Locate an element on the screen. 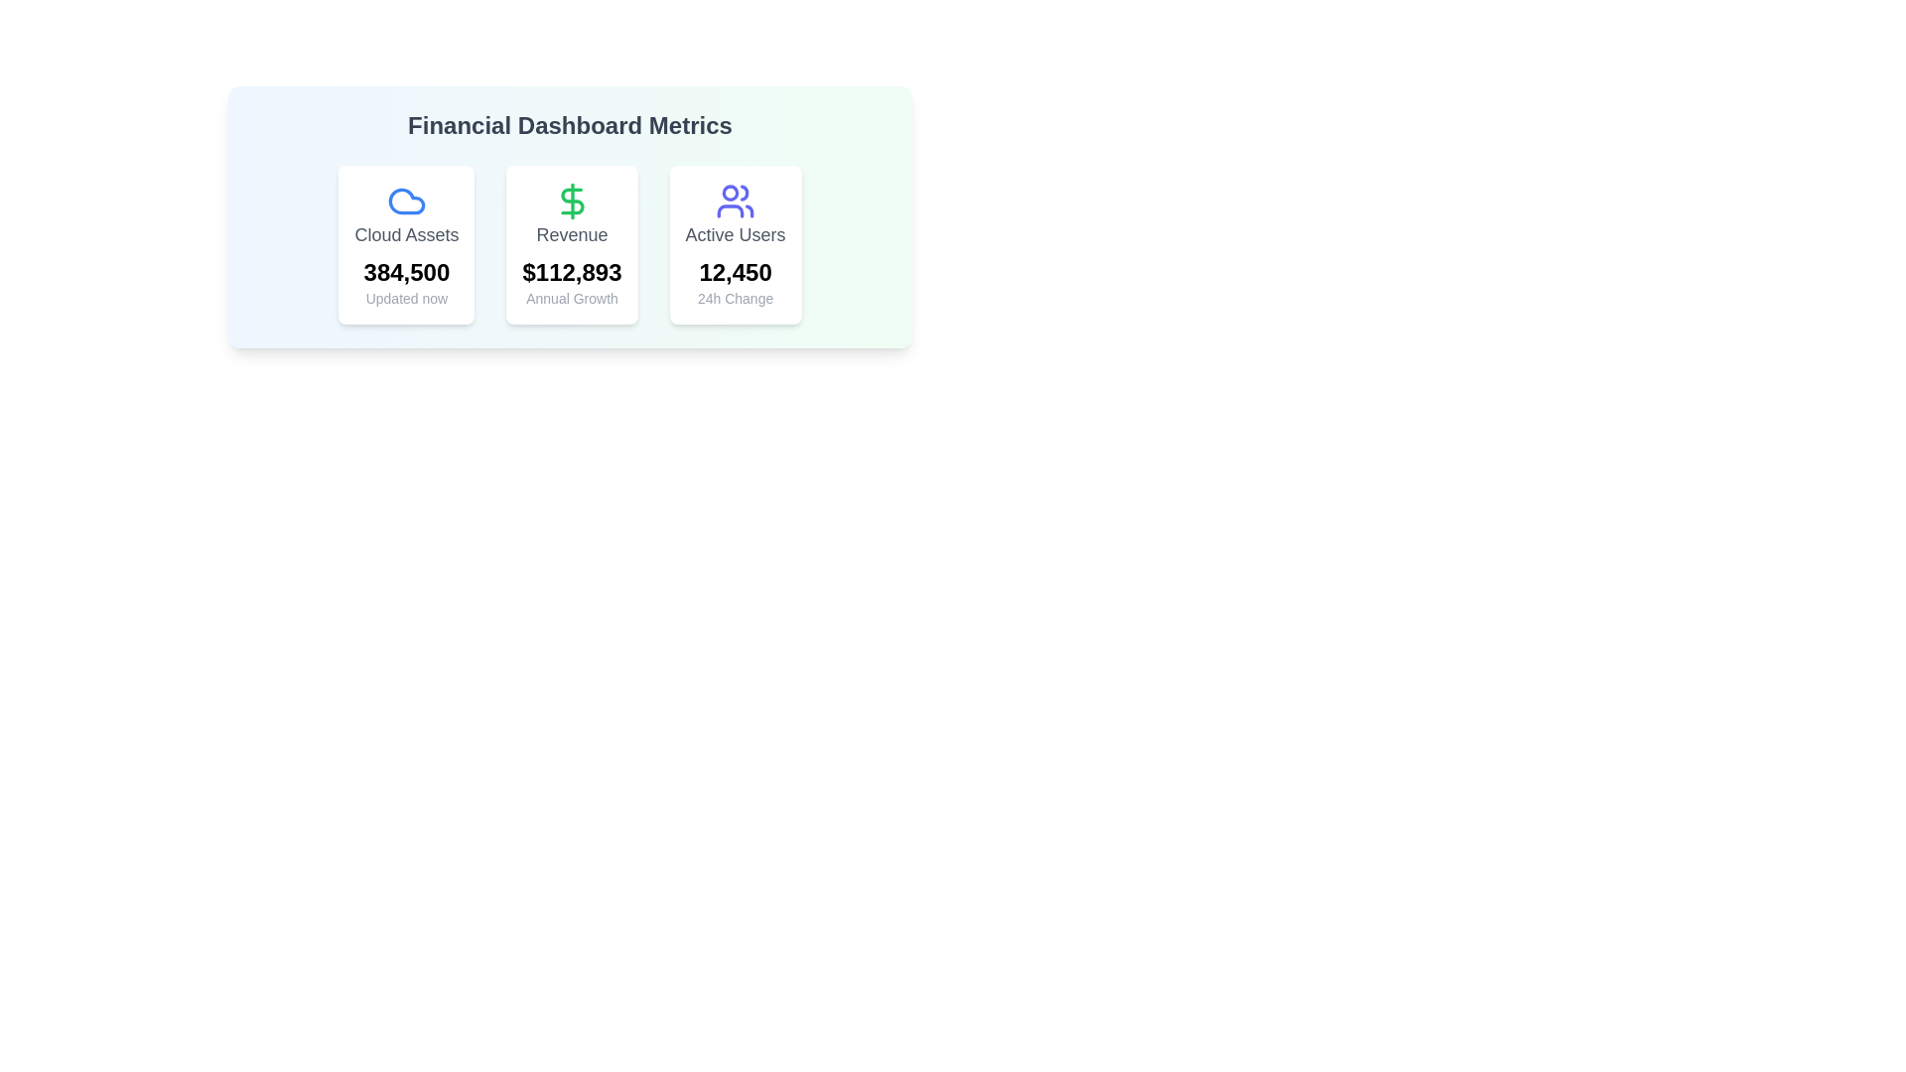  the blue cloud icon located at the top of the 'Cloud Assets' card in the data dashboard is located at coordinates (405, 201).